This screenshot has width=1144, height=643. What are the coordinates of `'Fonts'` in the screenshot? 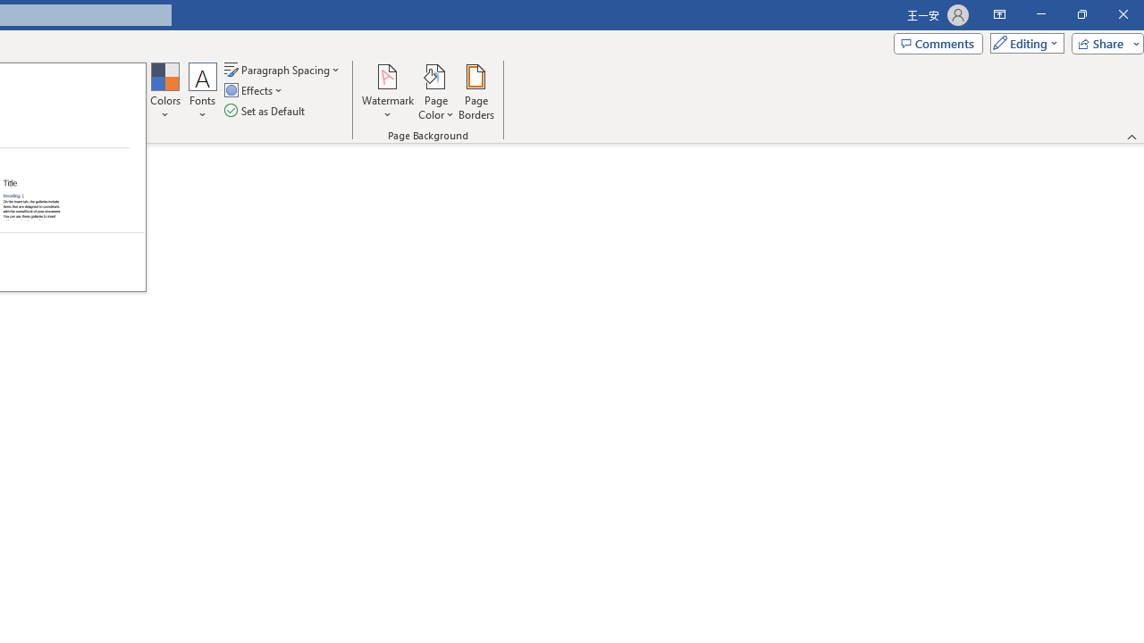 It's located at (203, 92).